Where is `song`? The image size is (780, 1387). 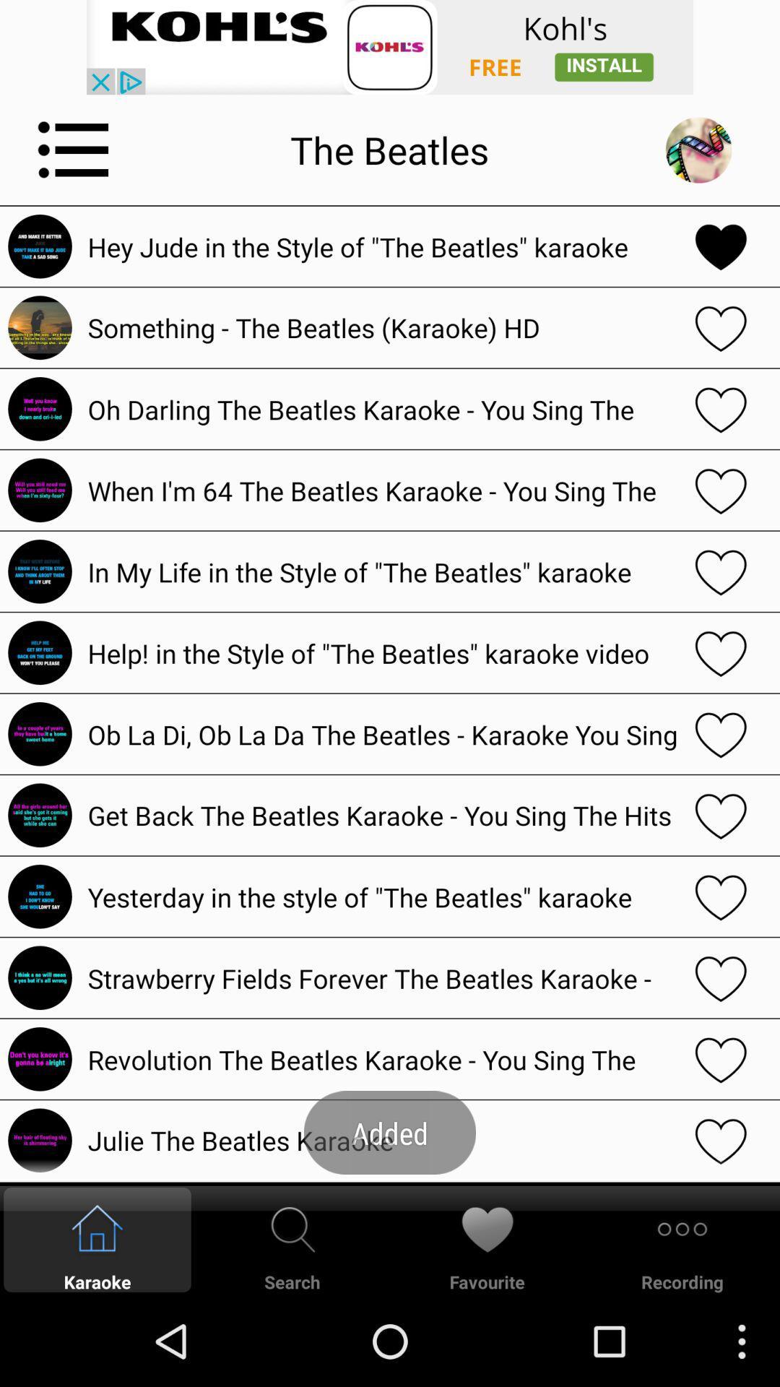 song is located at coordinates (721, 734).